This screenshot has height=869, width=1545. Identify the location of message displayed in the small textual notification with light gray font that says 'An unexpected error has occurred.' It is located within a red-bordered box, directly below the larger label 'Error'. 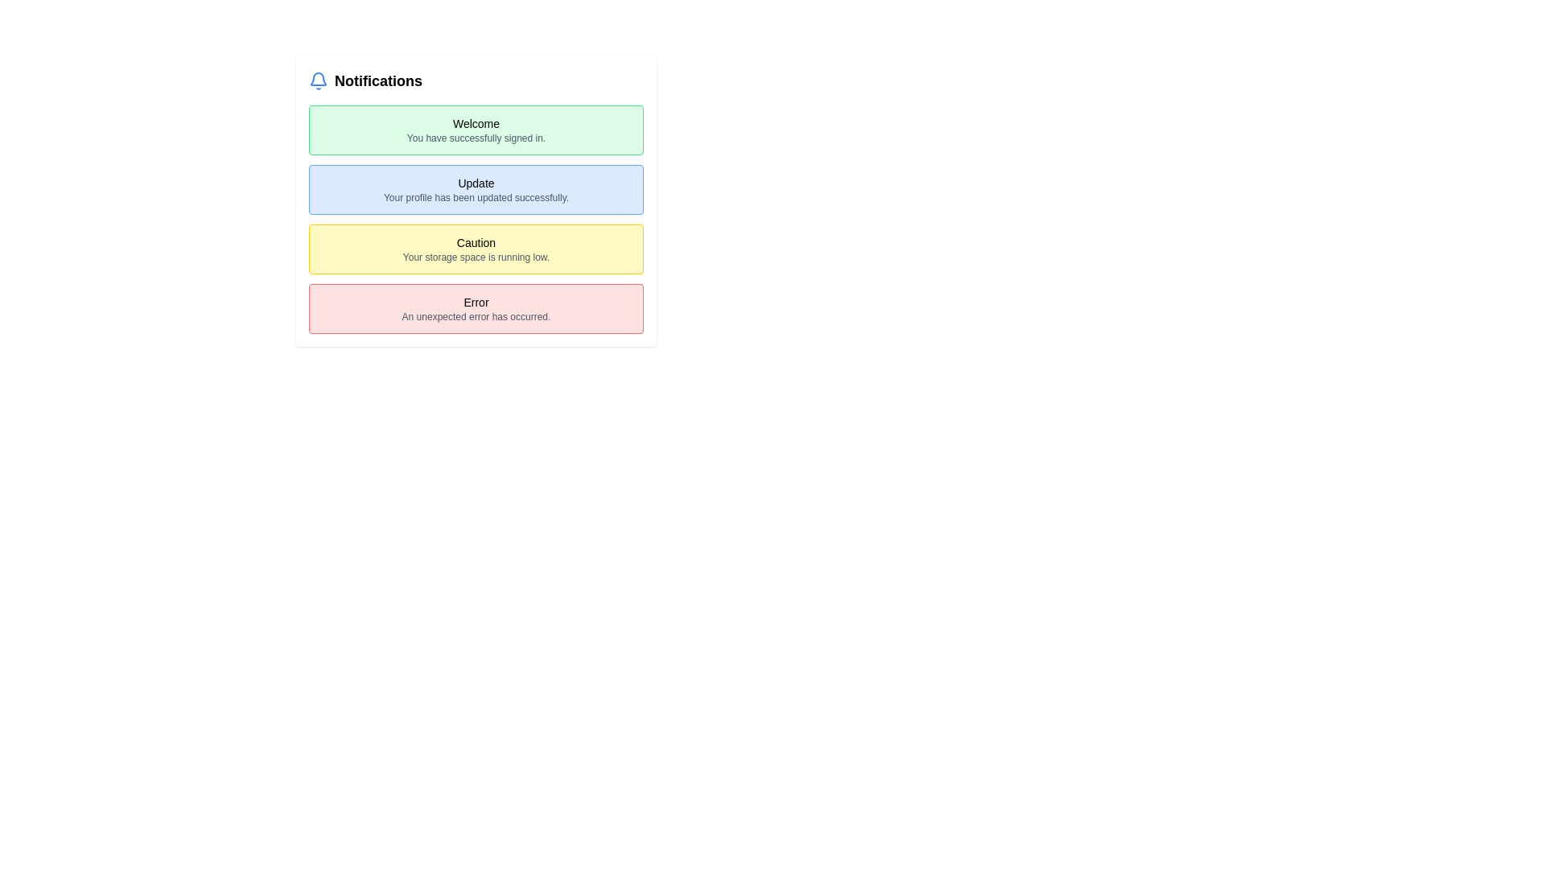
(475, 316).